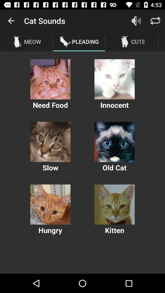  Describe the element at coordinates (114, 142) in the screenshot. I see `old cat sounds` at that location.